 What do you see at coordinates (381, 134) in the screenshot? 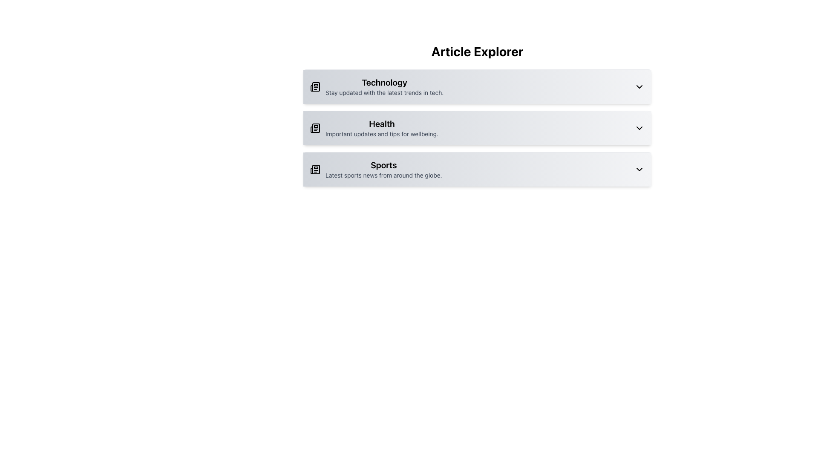
I see `text block that contains 'Important updates and tips for wellbeing.' which is styled in a smaller font size and gray color, located directly below the 'Health' title` at bounding box center [381, 134].